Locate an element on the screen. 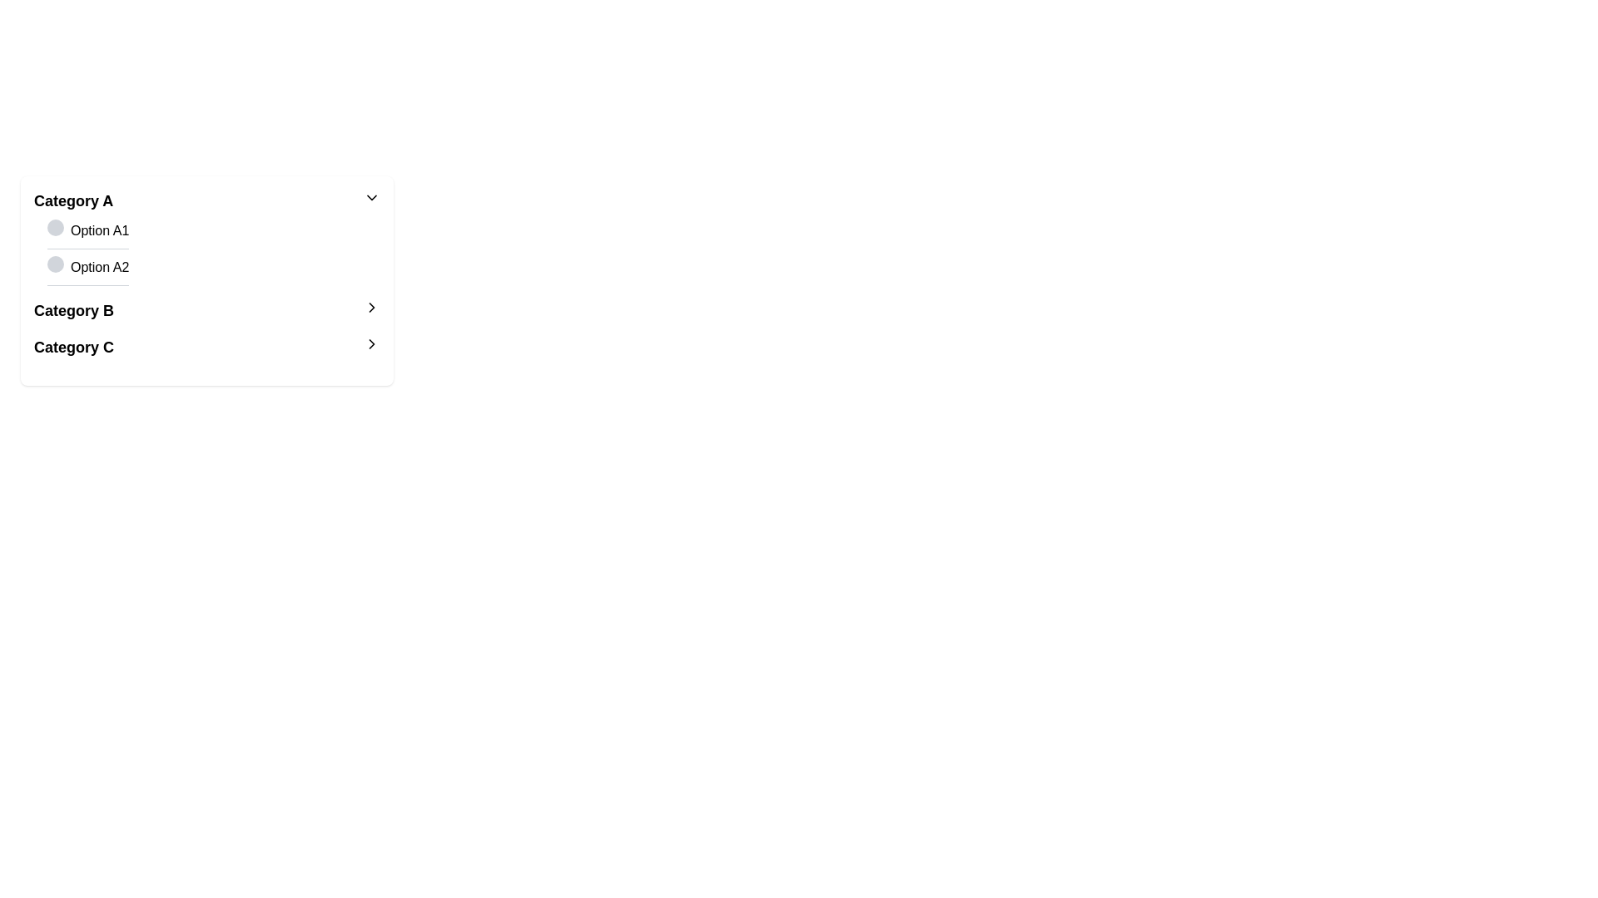 The height and width of the screenshot is (898, 1598). the radio button visually styled as 'Option A2' is located at coordinates (56, 265).